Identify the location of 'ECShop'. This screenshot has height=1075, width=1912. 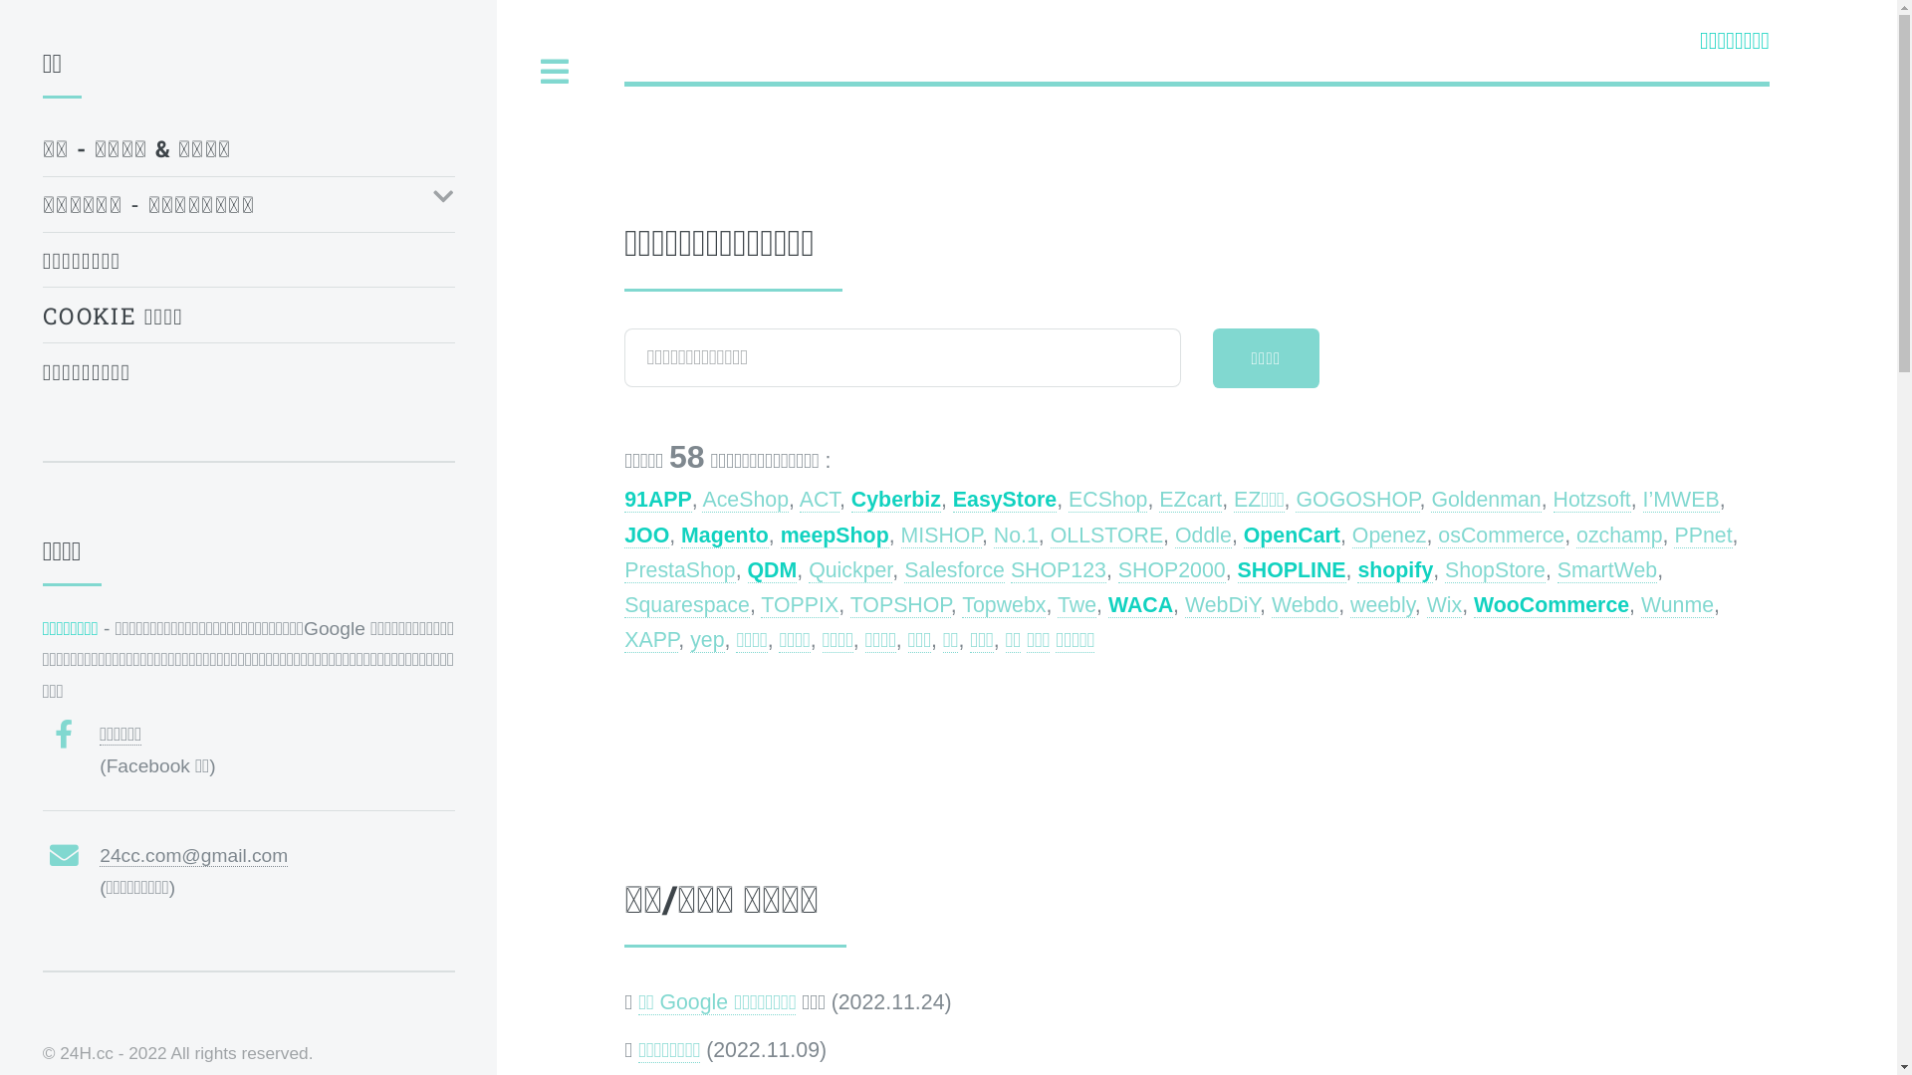
(1106, 499).